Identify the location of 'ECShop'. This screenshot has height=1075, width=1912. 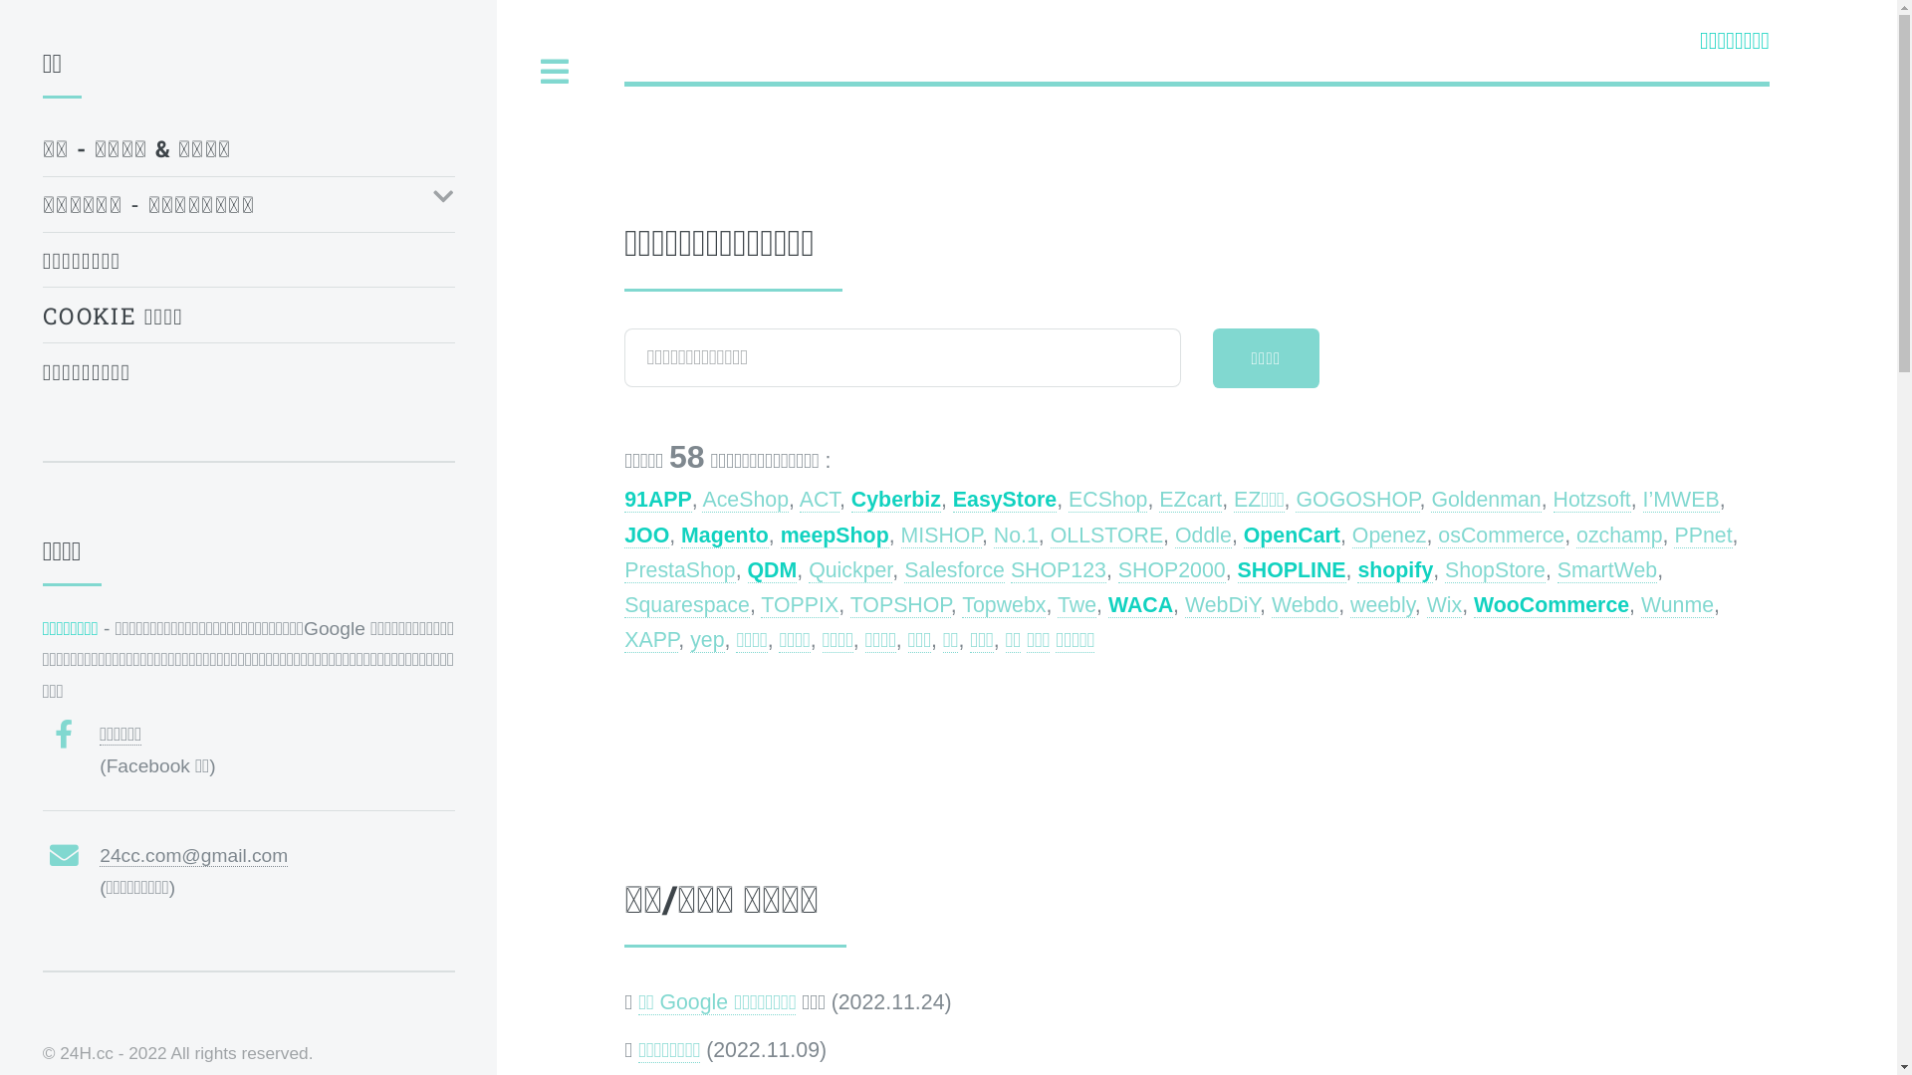
(1106, 499).